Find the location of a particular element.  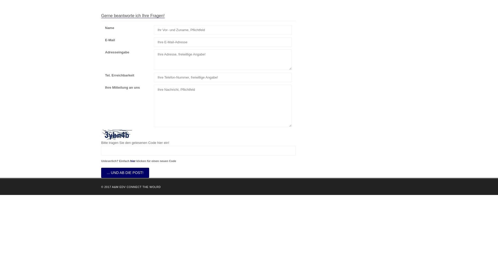

'... UND AB DIE POST!' is located at coordinates (125, 173).